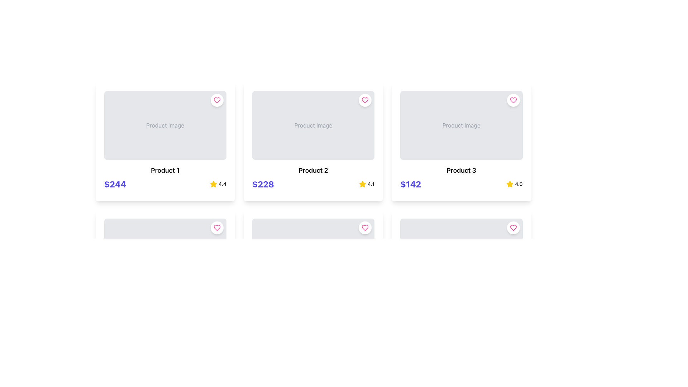  Describe the element at coordinates (510, 183) in the screenshot. I see `the yellow star icon representing the rating system for 'Product 3', which is positioned to the left of the text '4.0'` at that location.